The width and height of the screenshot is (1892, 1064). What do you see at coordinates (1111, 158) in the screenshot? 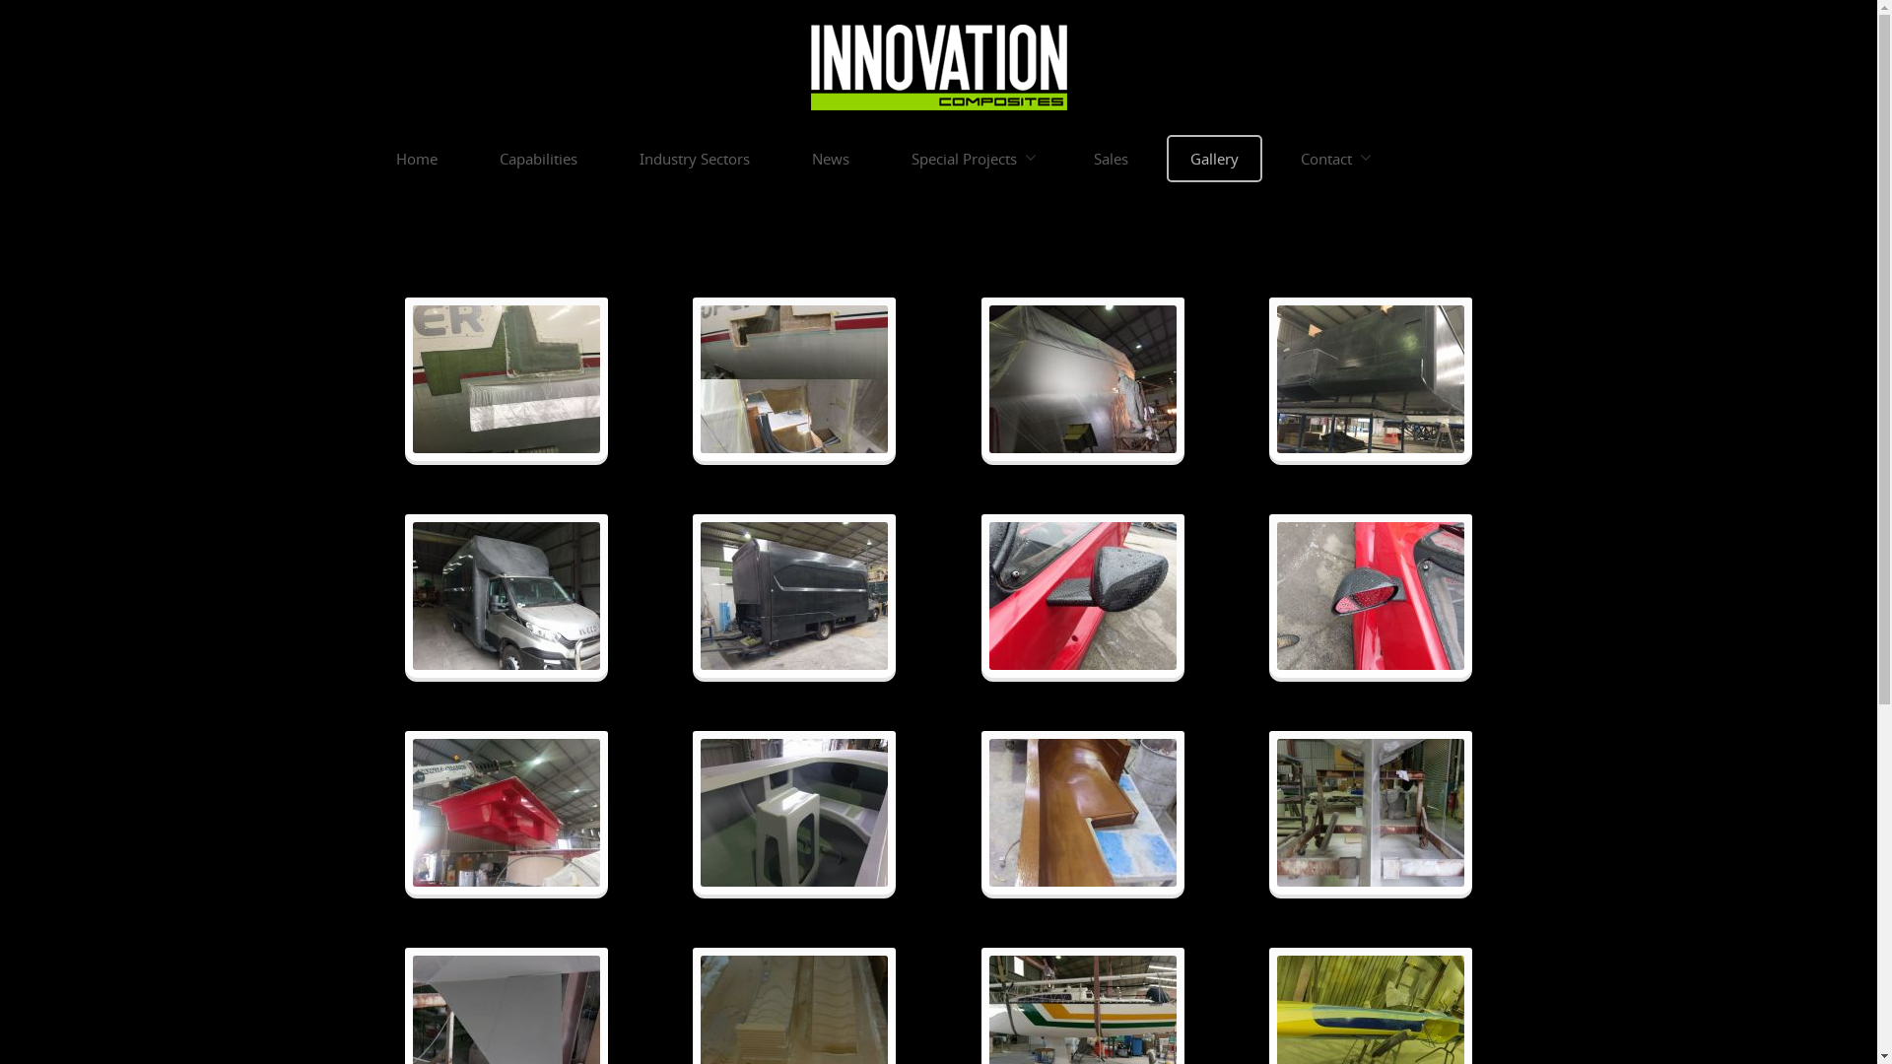
I see `'Sales'` at bounding box center [1111, 158].